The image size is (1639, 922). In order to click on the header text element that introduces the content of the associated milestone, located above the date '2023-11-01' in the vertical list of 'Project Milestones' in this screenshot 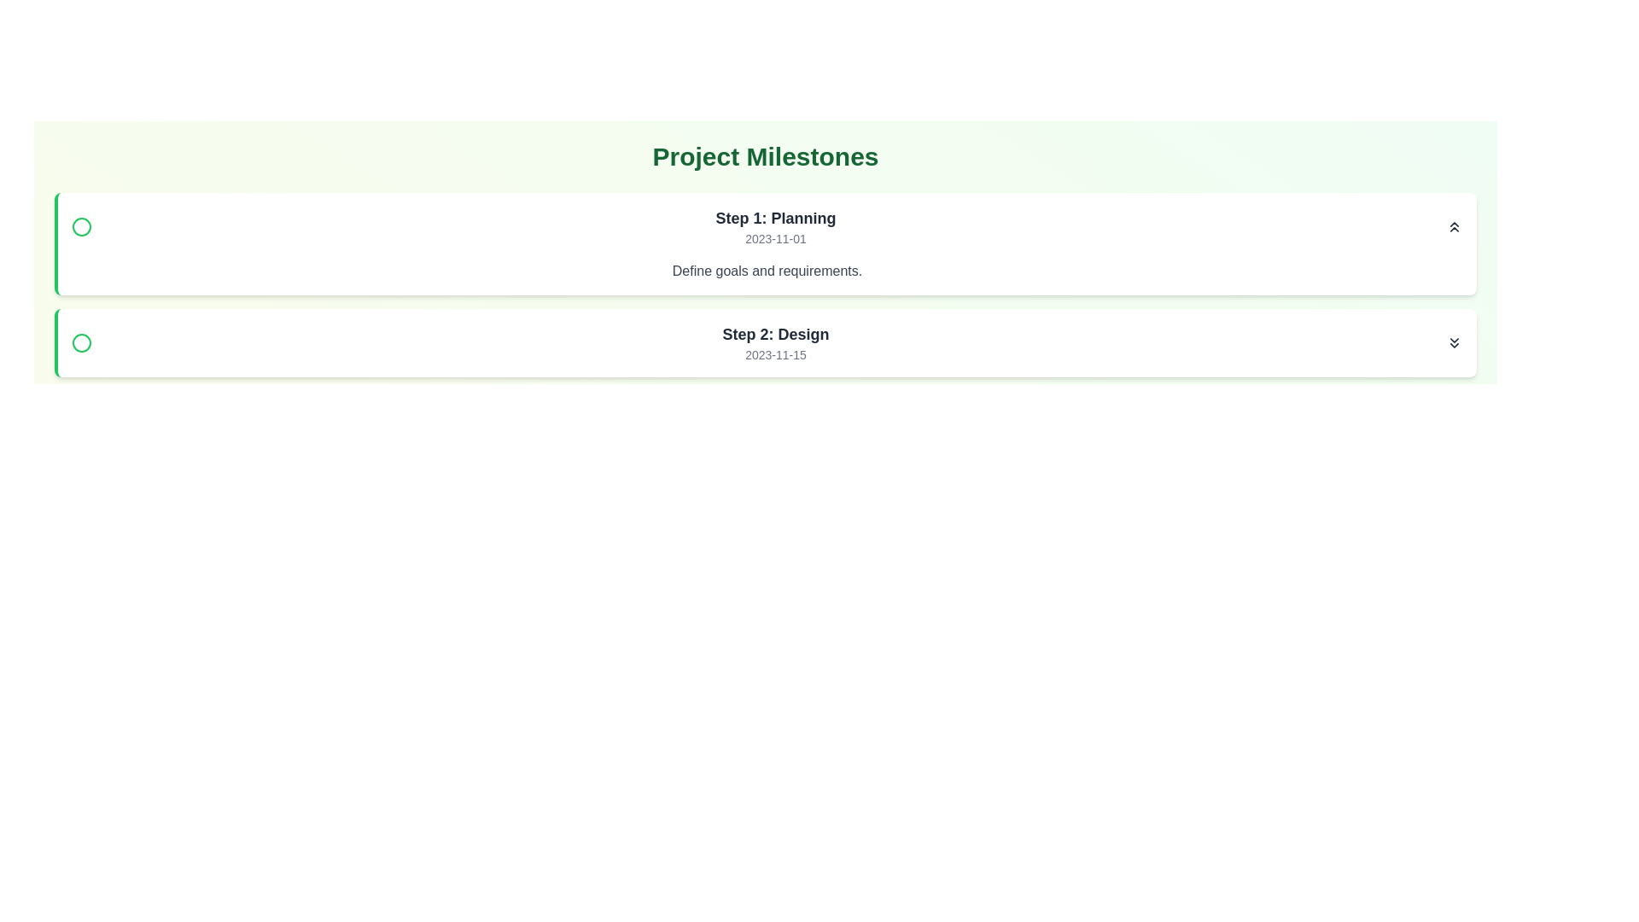, I will do `click(774, 217)`.